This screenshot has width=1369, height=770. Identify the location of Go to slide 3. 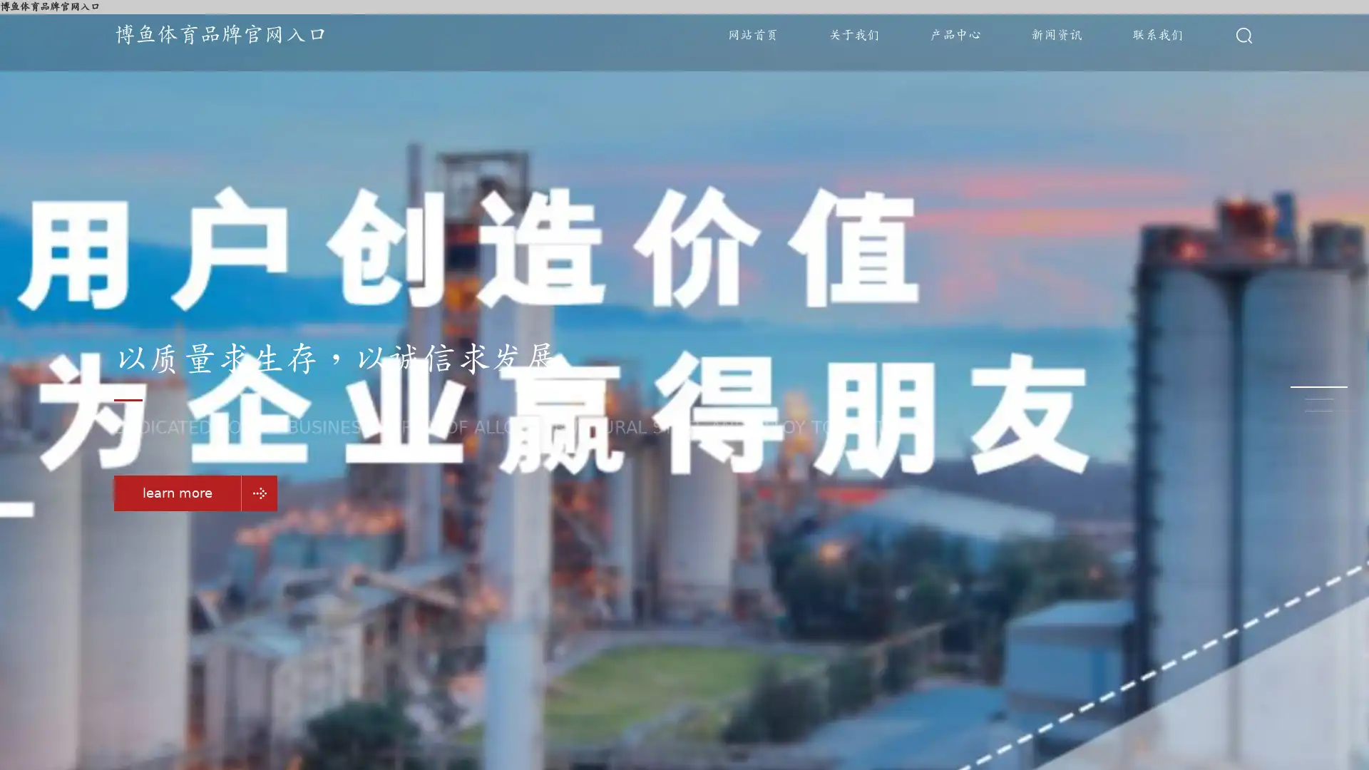
(1318, 411).